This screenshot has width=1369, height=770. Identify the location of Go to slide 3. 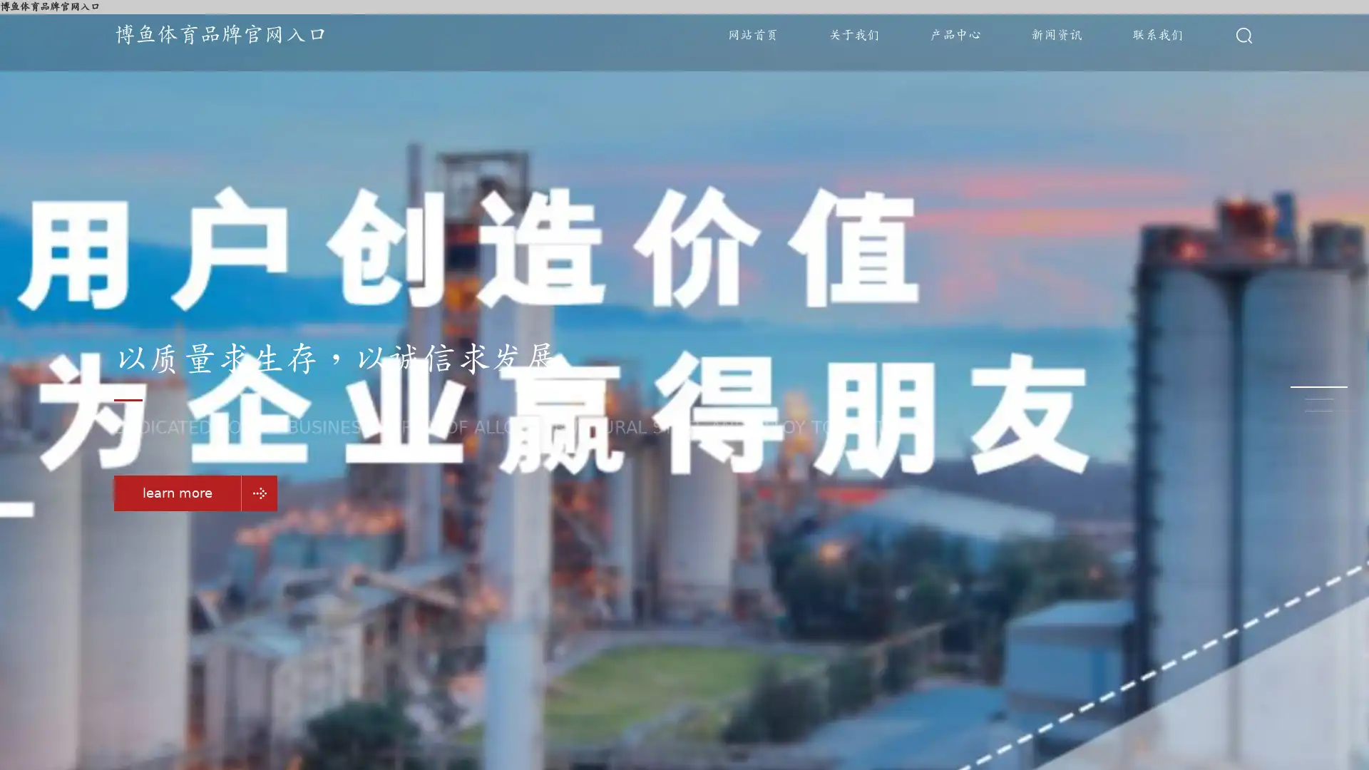
(1318, 411).